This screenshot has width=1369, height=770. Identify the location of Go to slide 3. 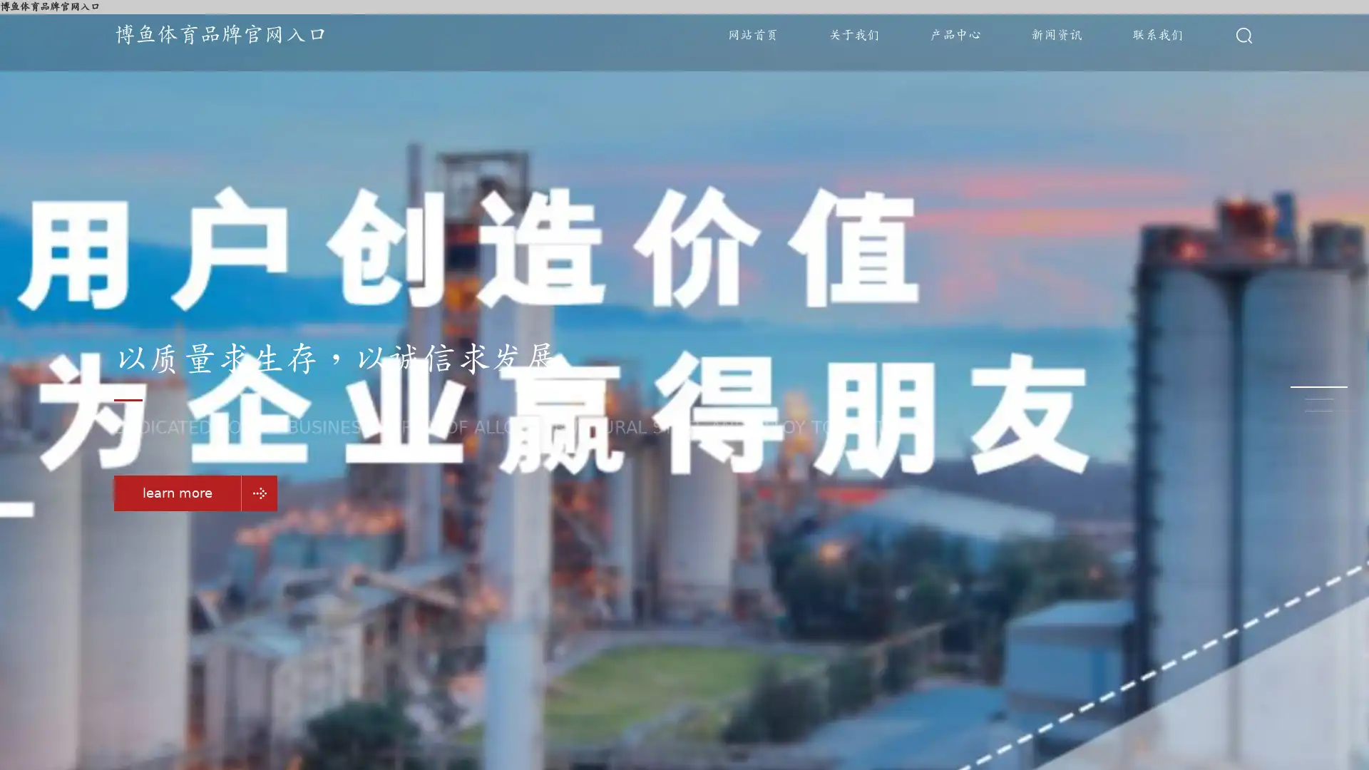
(1318, 411).